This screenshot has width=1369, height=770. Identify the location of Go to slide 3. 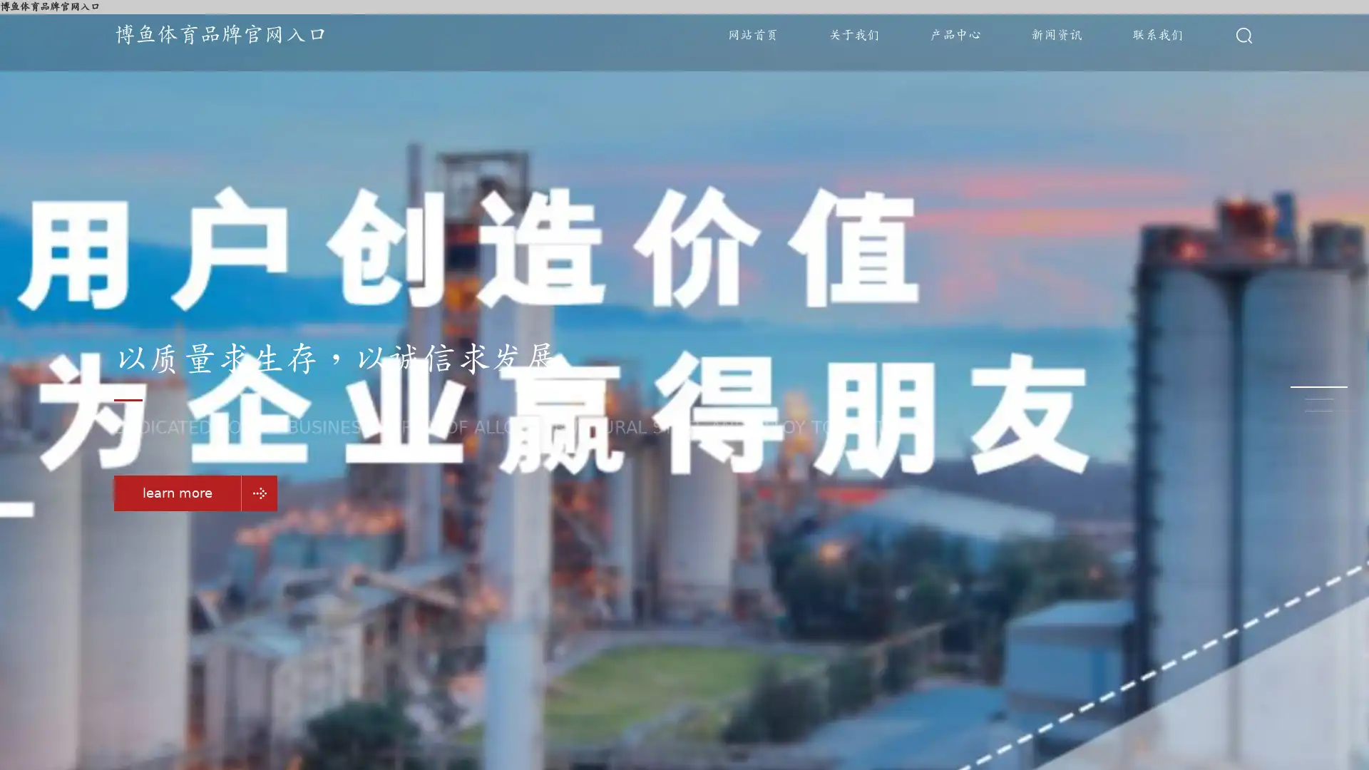
(1318, 411).